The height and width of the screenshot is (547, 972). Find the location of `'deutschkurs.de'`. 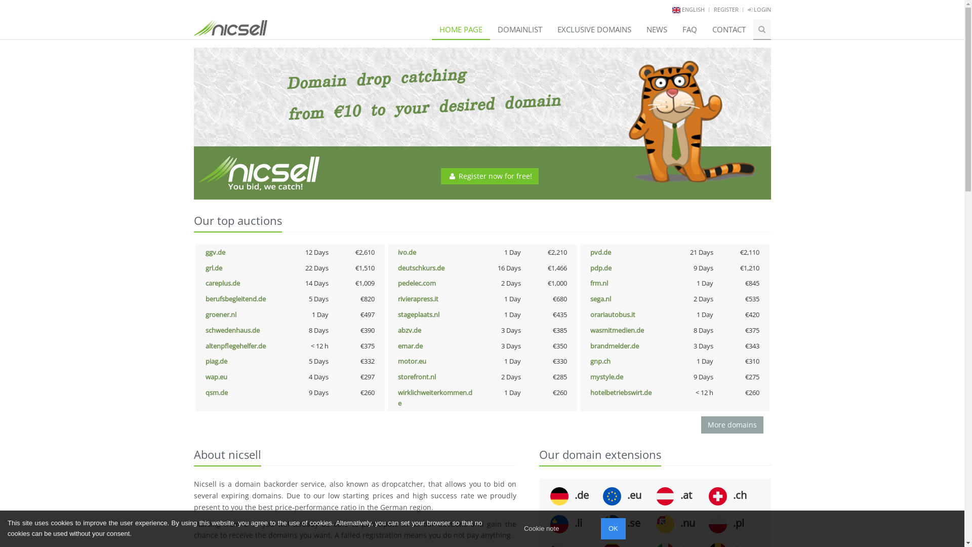

'deutschkurs.de' is located at coordinates (421, 267).